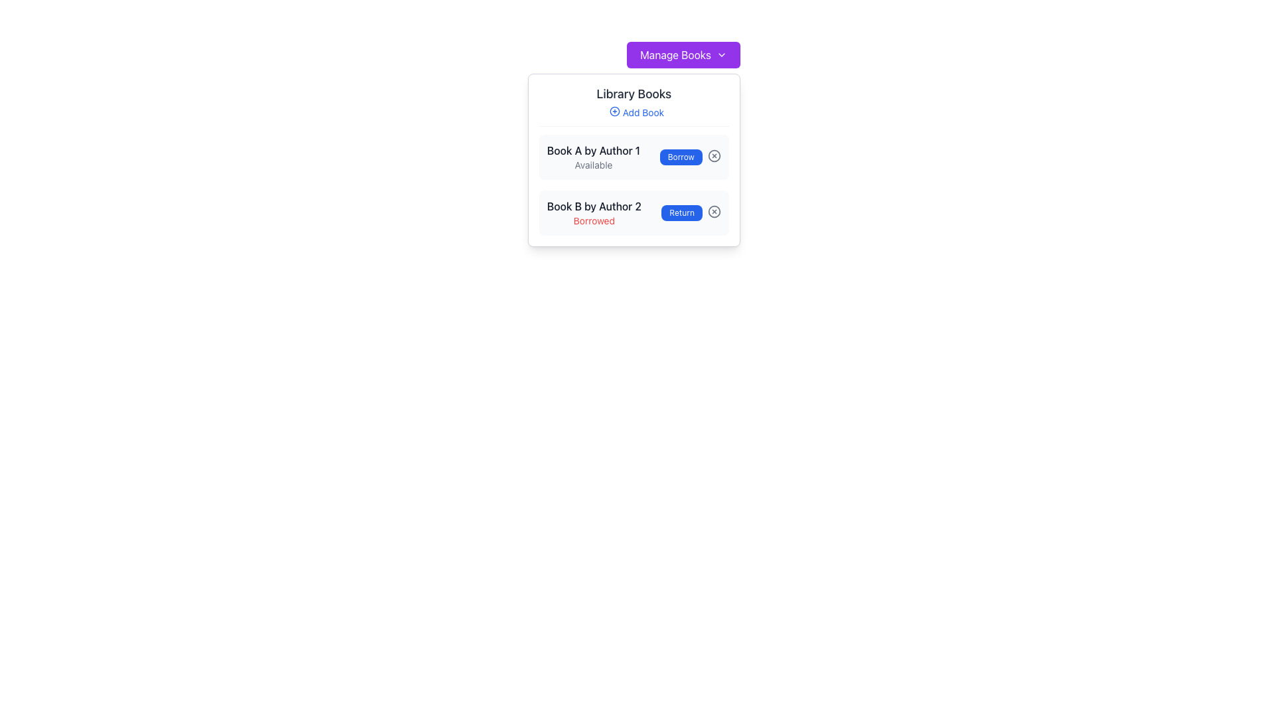 This screenshot has width=1275, height=717. What do you see at coordinates (682, 212) in the screenshot?
I see `the return button associated with 'Book B by Author 2'` at bounding box center [682, 212].